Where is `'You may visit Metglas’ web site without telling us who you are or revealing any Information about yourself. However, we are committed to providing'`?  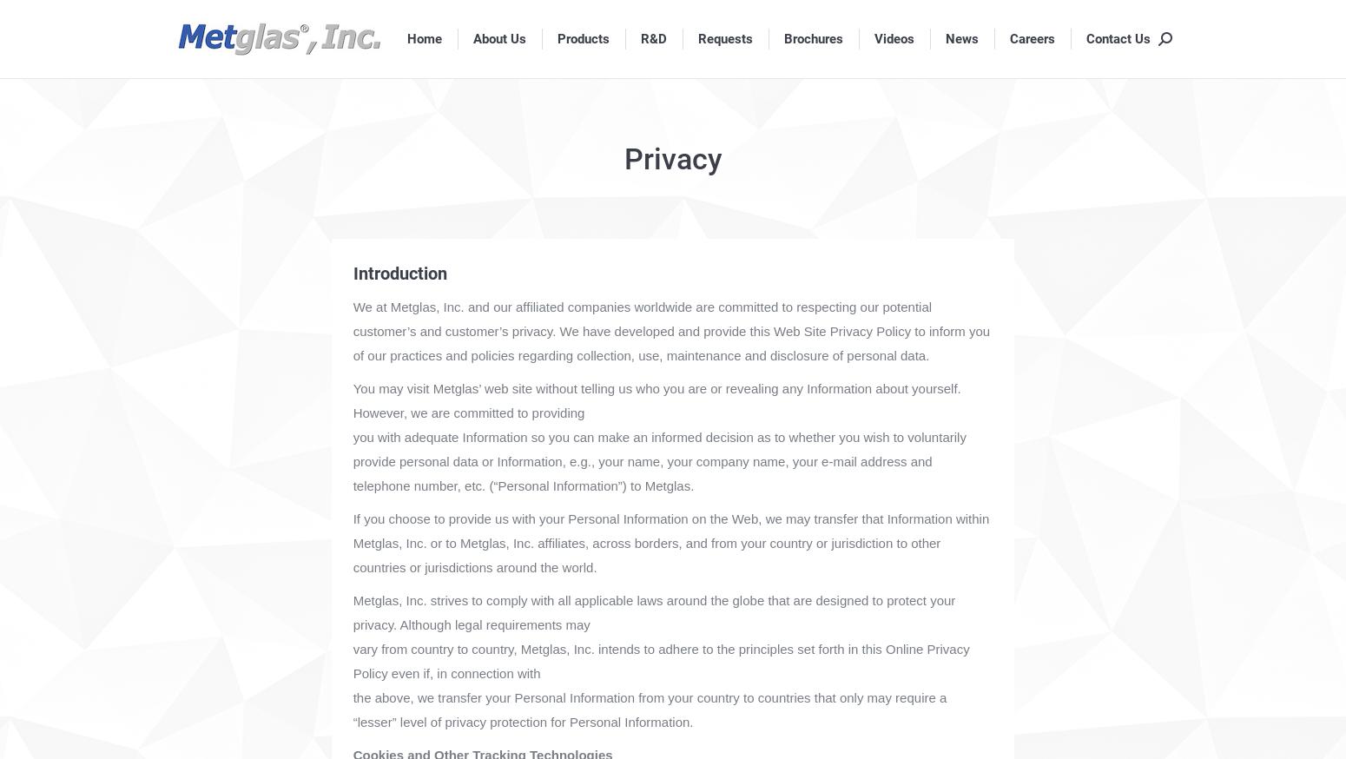
'You may visit Metglas’ web site without telling us who you are or revealing any Information about yourself. However, we are committed to providing' is located at coordinates (656, 399).